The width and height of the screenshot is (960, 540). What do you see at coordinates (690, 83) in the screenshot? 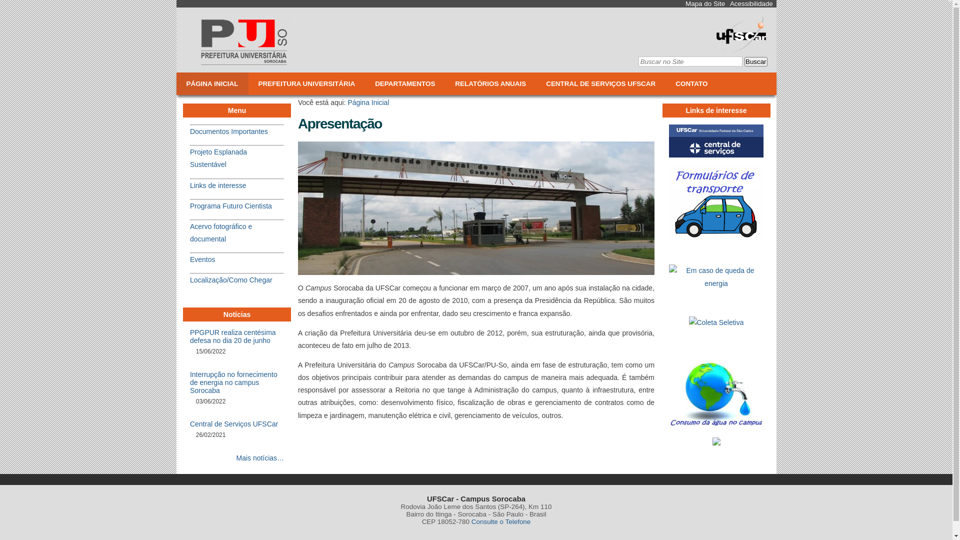
I see `'CONTATO'` at bounding box center [690, 83].